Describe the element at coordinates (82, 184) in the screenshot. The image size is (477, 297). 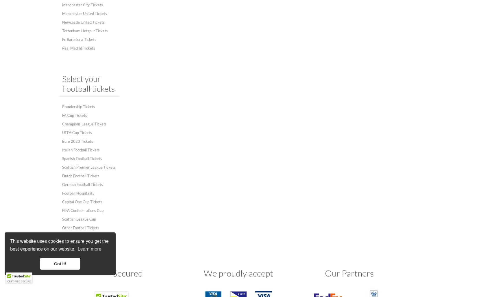
I see `'German Football Tickets'` at that location.